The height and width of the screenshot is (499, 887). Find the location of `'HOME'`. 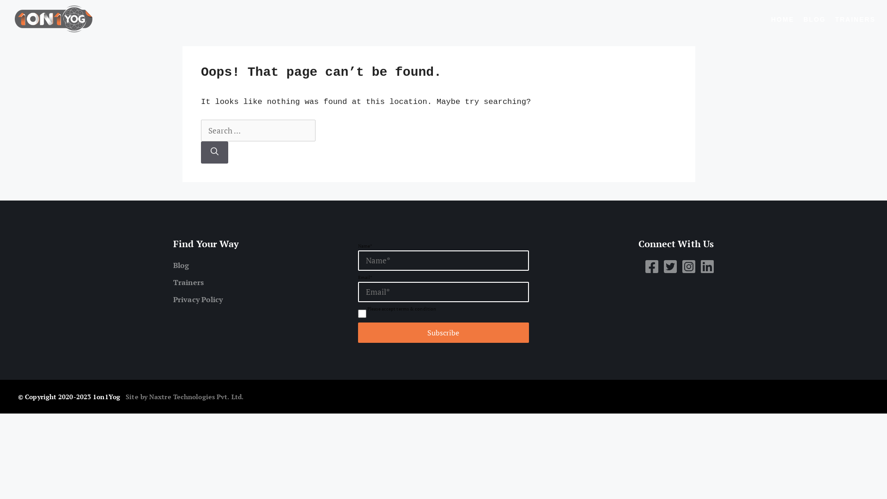

'HOME' is located at coordinates (771, 19).